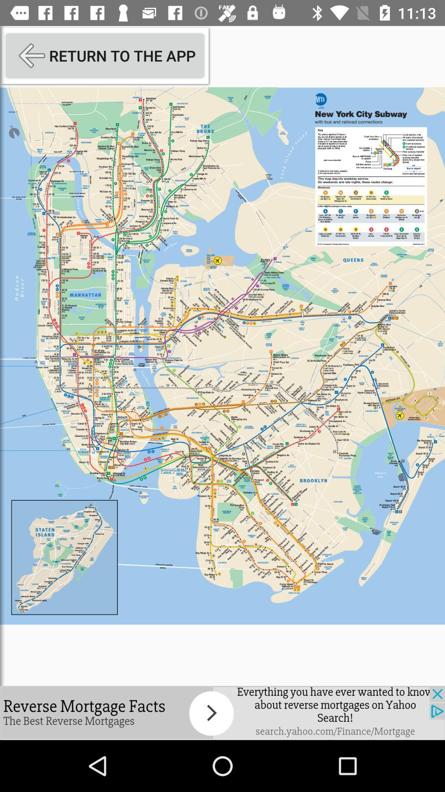  I want to click on open webpage of displayed advertisement, so click(222, 712).